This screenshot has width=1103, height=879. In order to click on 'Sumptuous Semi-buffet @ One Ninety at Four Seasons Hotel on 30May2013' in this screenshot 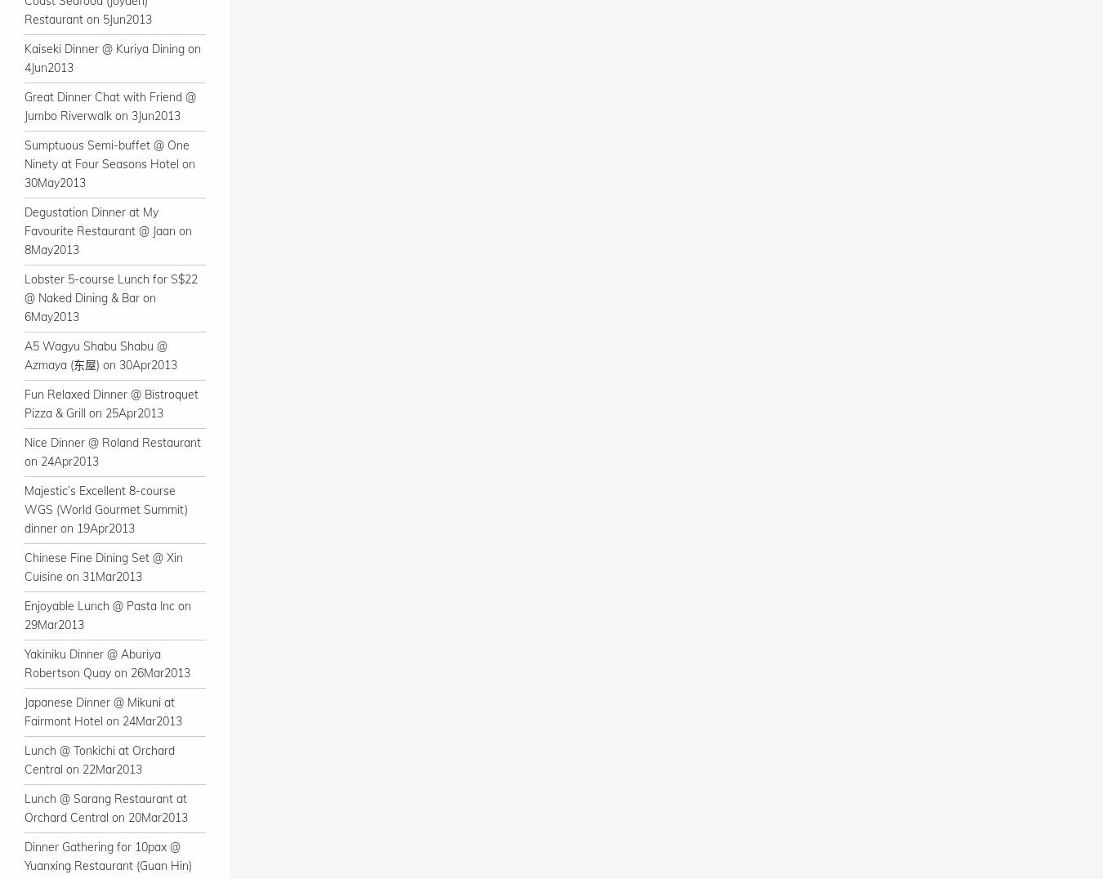, I will do `click(109, 163)`.